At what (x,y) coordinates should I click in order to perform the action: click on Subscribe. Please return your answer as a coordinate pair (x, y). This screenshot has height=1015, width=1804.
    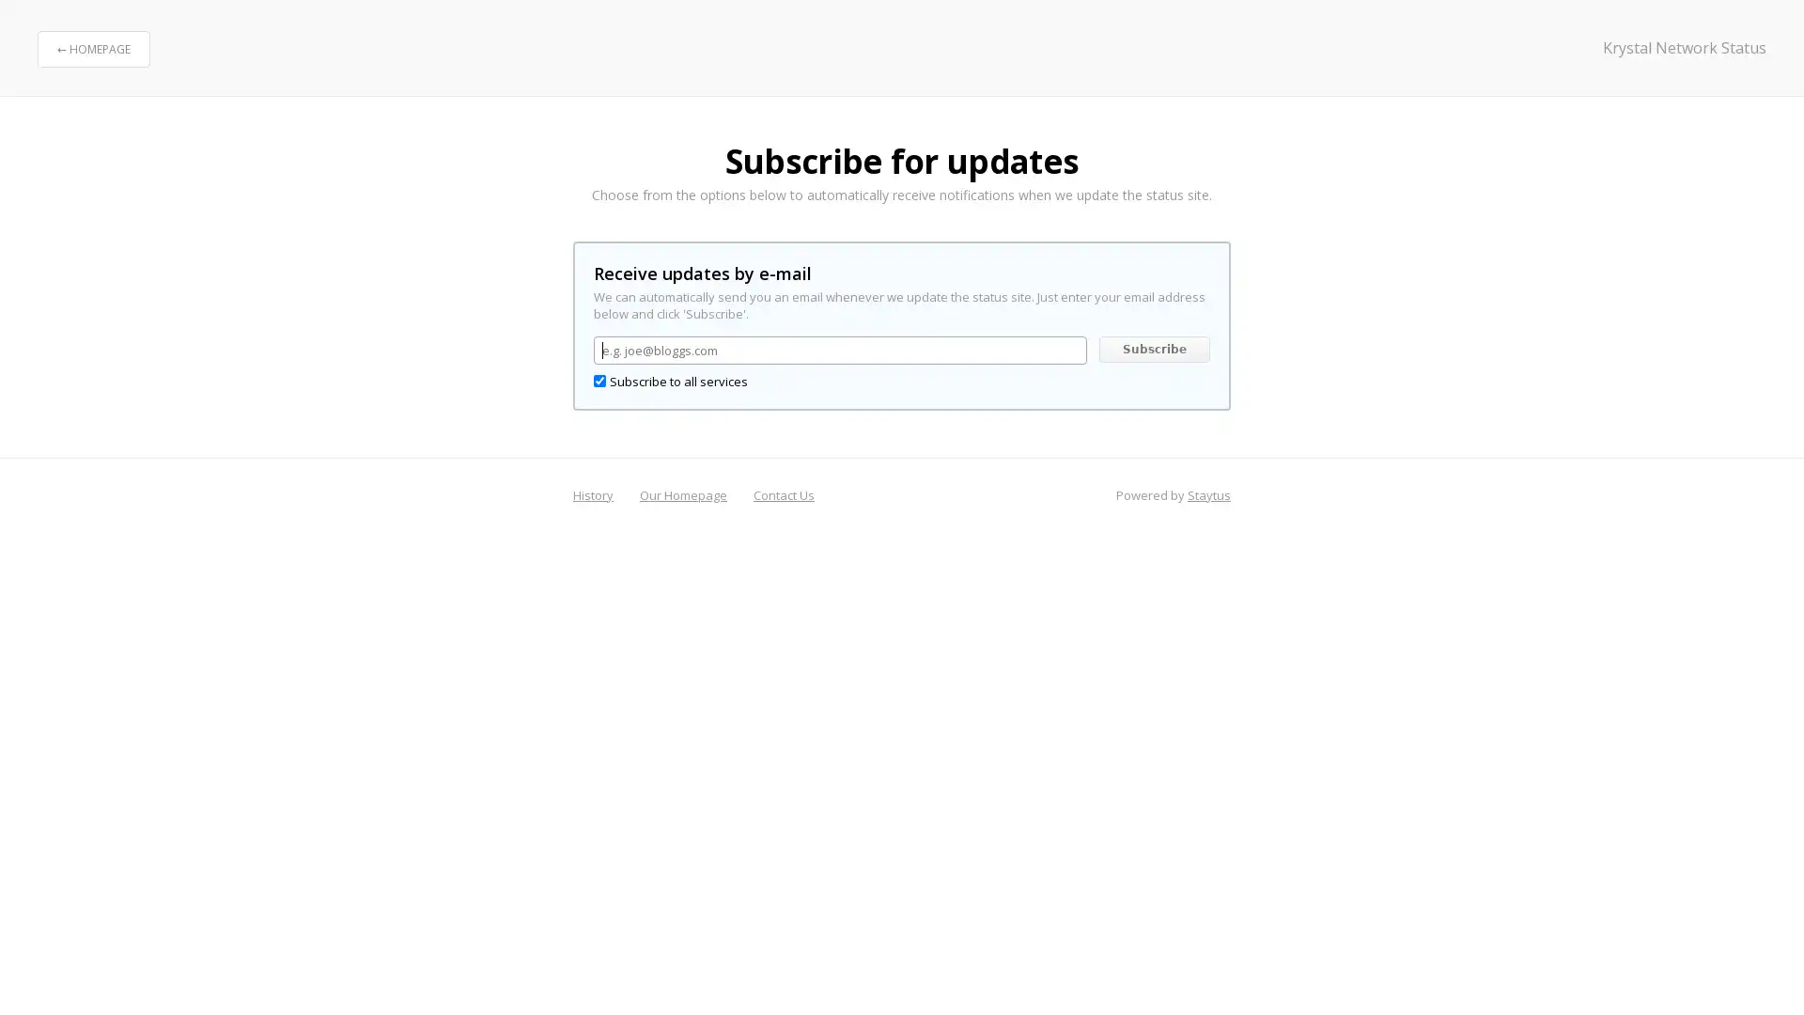
    Looking at the image, I should click on (1153, 349).